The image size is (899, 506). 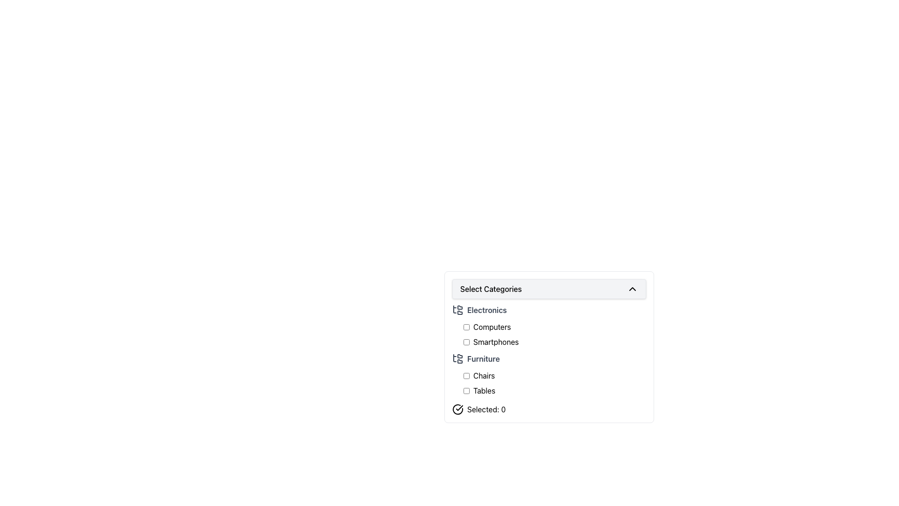 I want to click on the 'Tables' label, which is the second element in the 'Furniture' category selection list, following the checkbox, so click(x=484, y=390).